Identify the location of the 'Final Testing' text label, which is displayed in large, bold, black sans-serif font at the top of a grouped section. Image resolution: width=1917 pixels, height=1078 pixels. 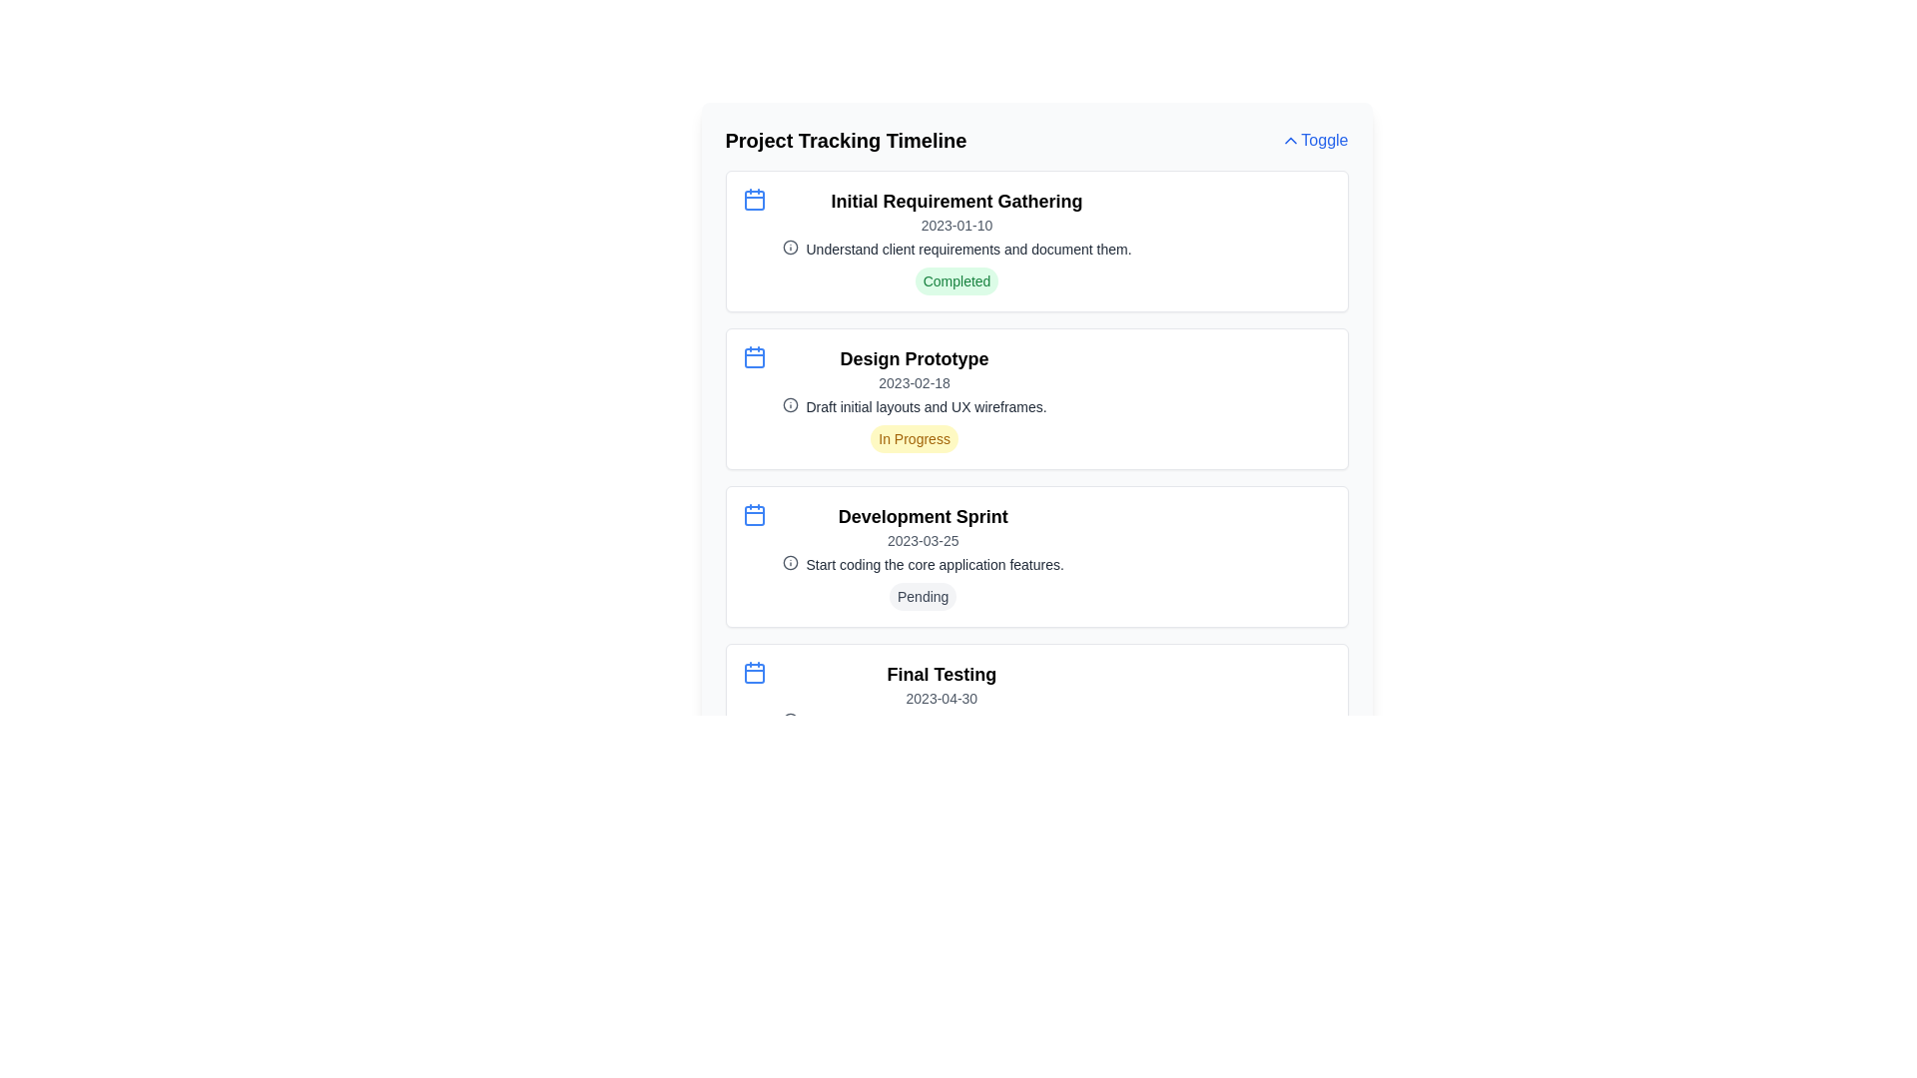
(941, 674).